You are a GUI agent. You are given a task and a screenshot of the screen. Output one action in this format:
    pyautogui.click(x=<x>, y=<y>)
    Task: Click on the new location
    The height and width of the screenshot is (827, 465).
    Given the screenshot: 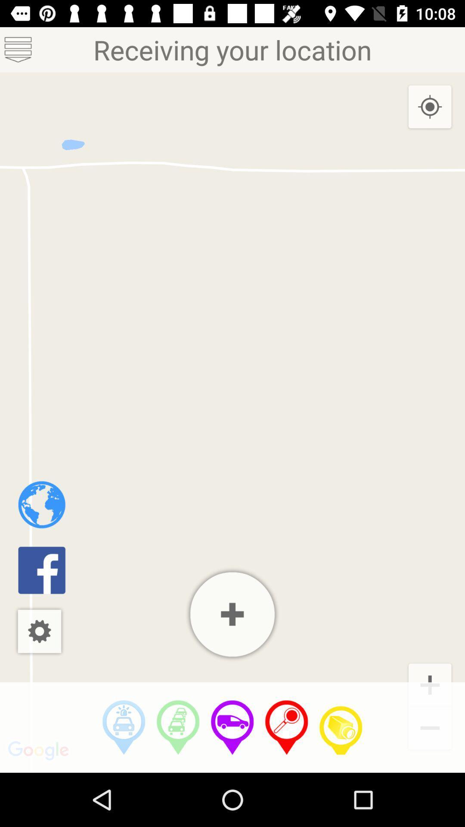 What is the action you would take?
    pyautogui.click(x=232, y=614)
    